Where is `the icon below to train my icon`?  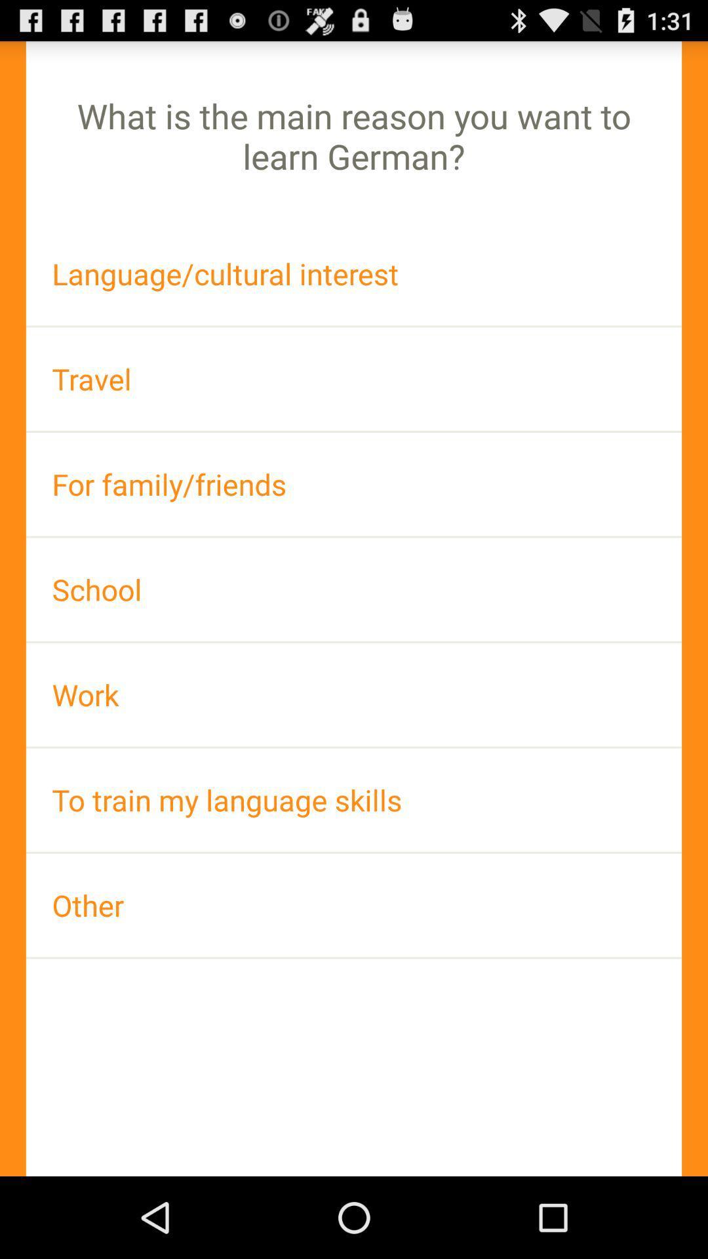
the icon below to train my icon is located at coordinates (354, 904).